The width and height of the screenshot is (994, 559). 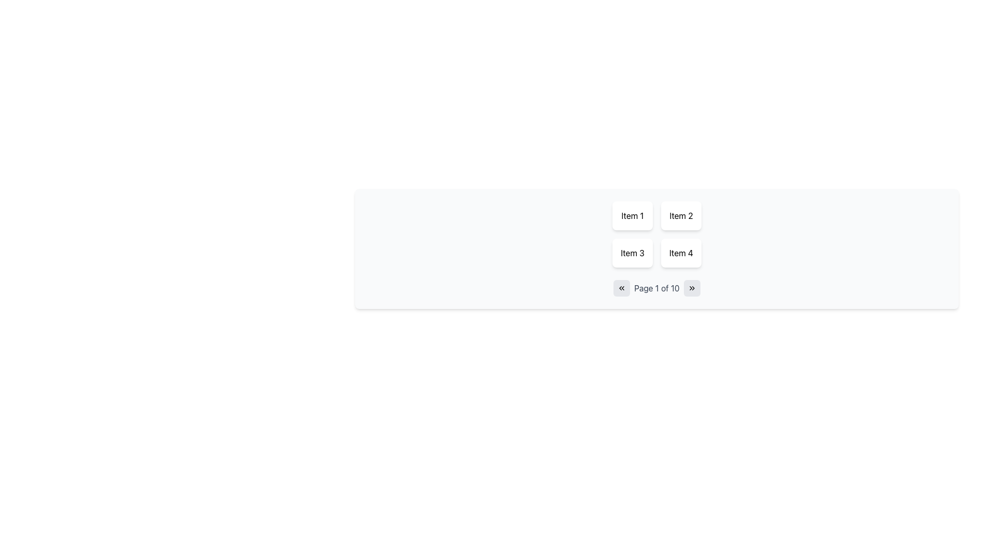 What do you see at coordinates (681, 215) in the screenshot?
I see `the Text button labeled 'Item 2', which is located in the second column of the first row of a grid layout` at bounding box center [681, 215].